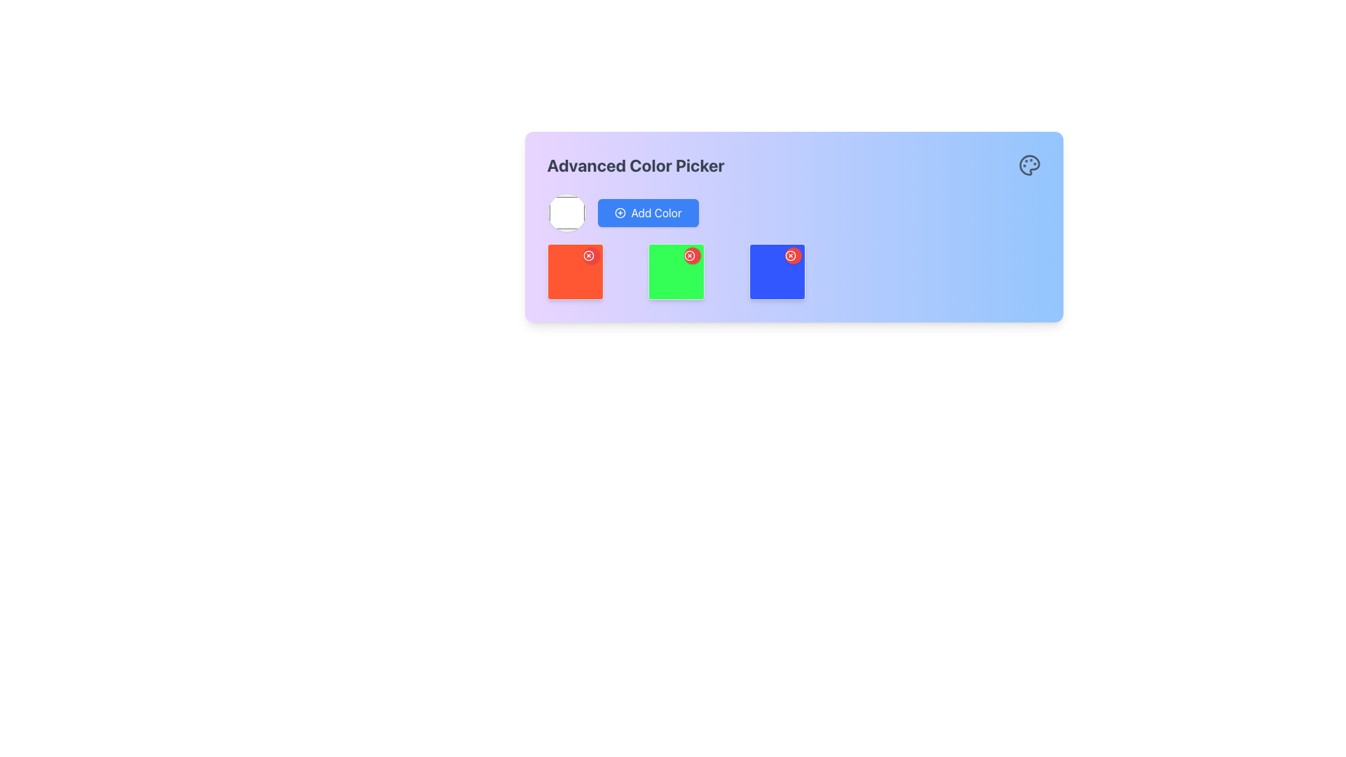  Describe the element at coordinates (591, 256) in the screenshot. I see `the red circular button with a white 'X' icon located in the top-right corner of the first card in the 'Advanced Color Picker' interface to observe the hover effect` at that location.